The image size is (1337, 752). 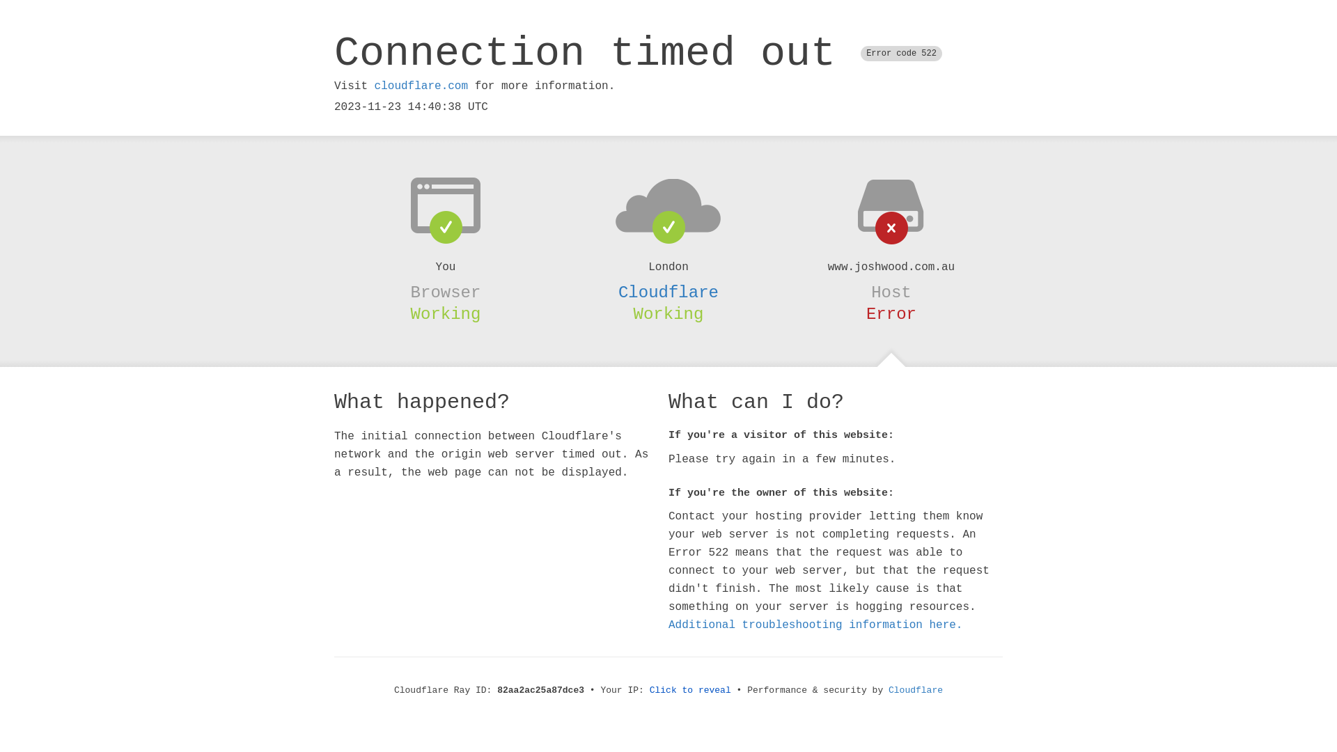 I want to click on 'Click to reveal', so click(x=690, y=690).